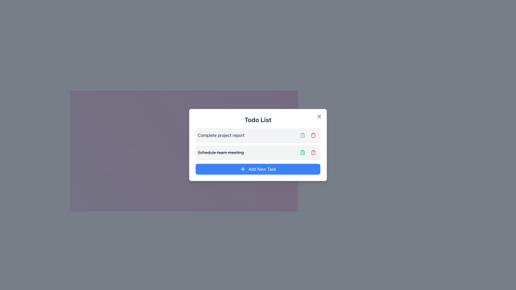 Image resolution: width=516 pixels, height=290 pixels. Describe the element at coordinates (303, 135) in the screenshot. I see `the clipboard icon button located to the left of the red trash can icon in the task list item 'Complete project report'` at that location.